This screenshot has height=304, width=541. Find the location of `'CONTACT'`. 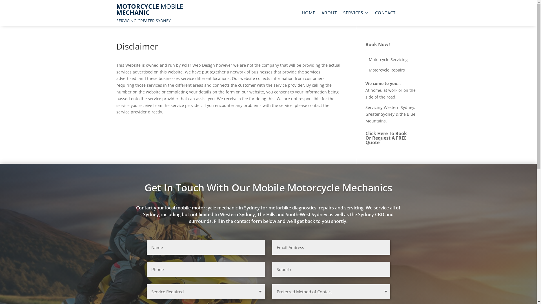

'CONTACT' is located at coordinates (385, 14).